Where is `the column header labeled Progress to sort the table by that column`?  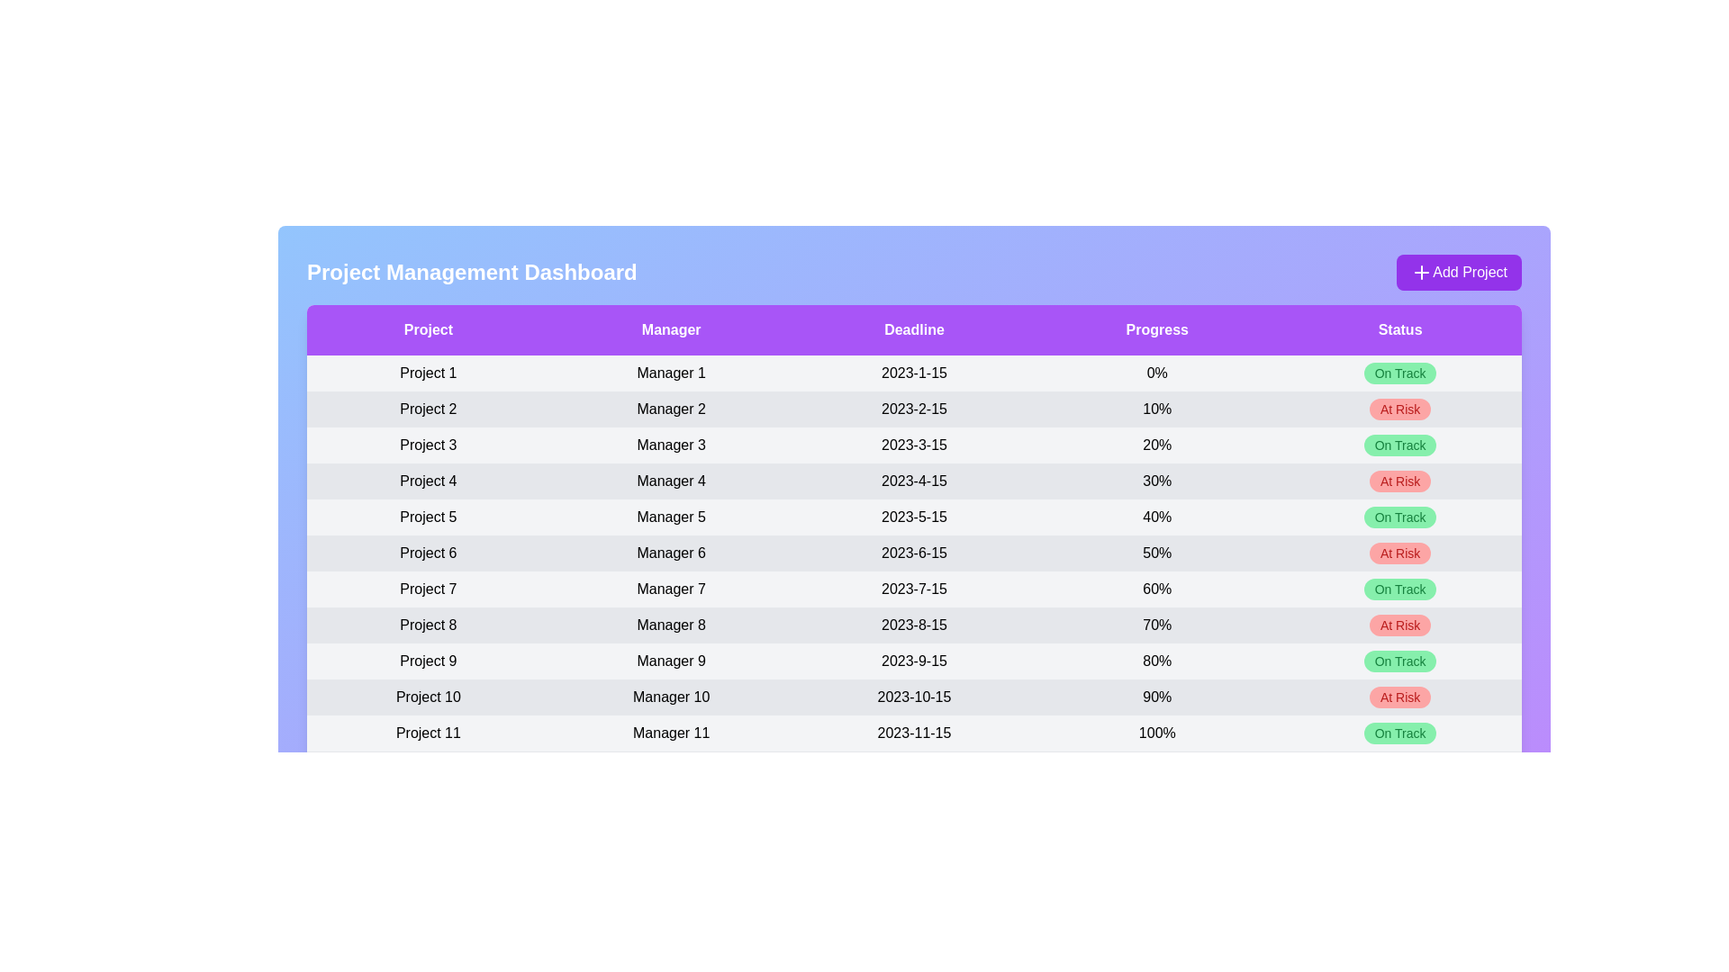
the column header labeled Progress to sort the table by that column is located at coordinates (1157, 329).